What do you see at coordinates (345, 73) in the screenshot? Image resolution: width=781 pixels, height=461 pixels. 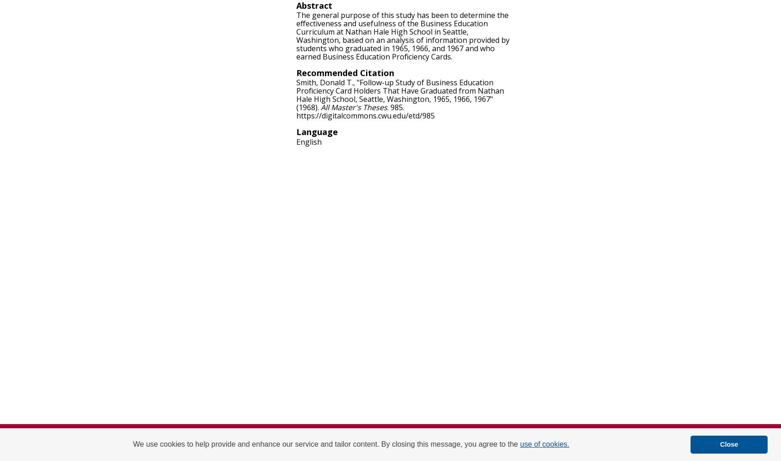 I see `'Recommended Citation'` at bounding box center [345, 73].